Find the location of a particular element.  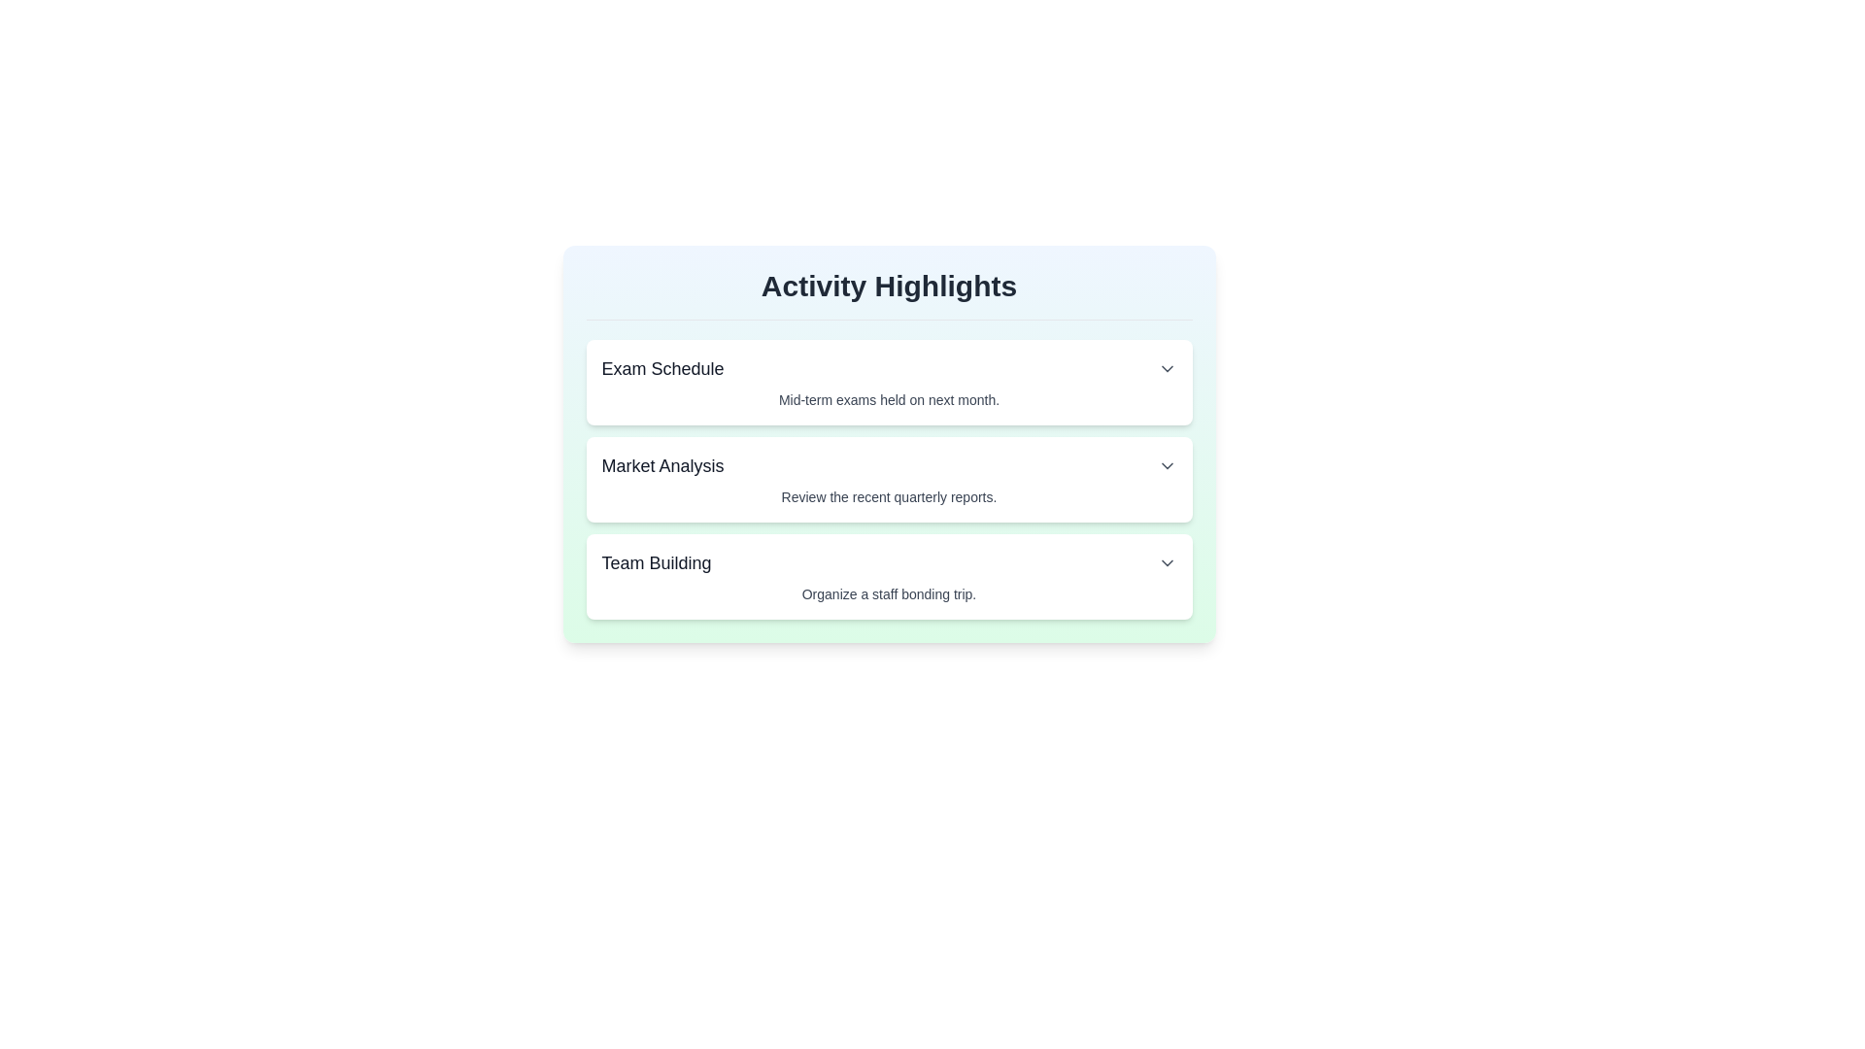

the item titled Team Building is located at coordinates (888, 576).